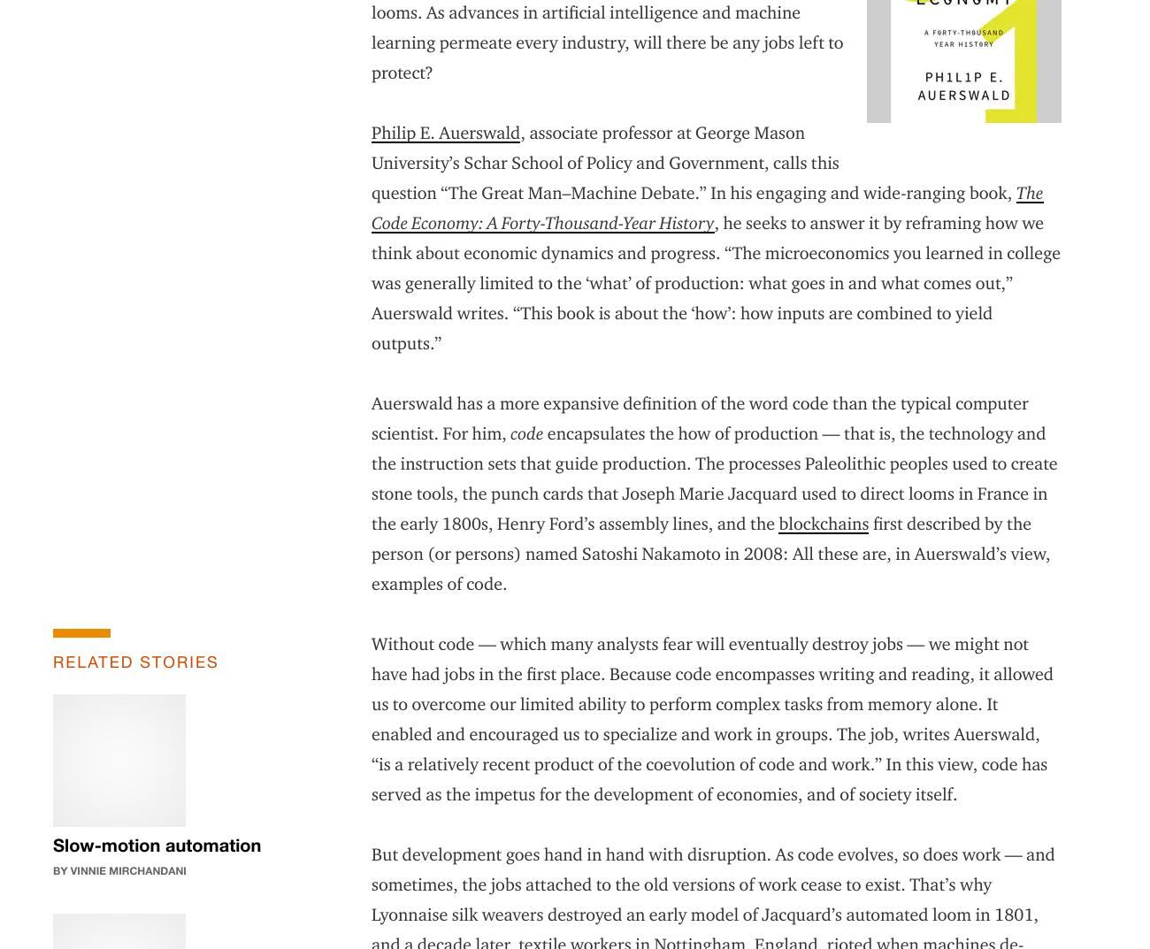  Describe the element at coordinates (810, 816) in the screenshot. I see `'Follow s+b on Facebook'` at that location.